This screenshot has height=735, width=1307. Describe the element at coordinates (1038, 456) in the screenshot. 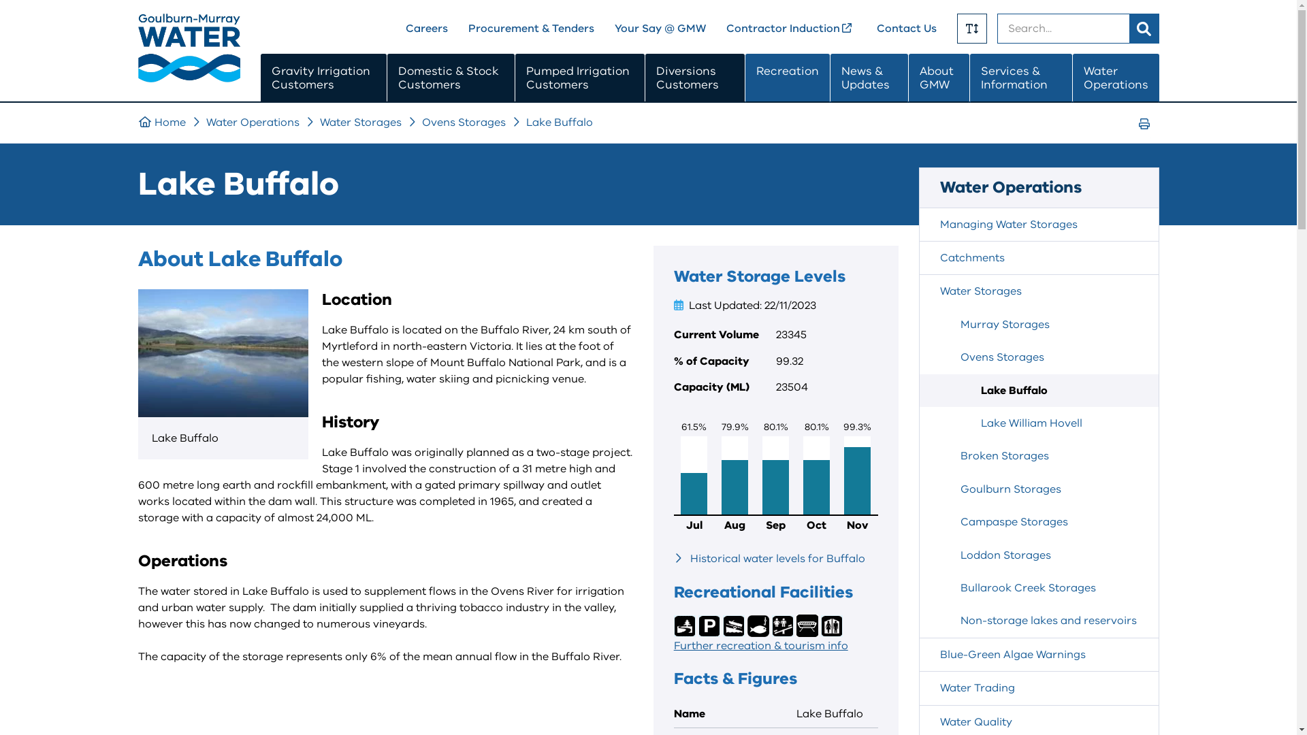

I see `'Broken Storages'` at that location.